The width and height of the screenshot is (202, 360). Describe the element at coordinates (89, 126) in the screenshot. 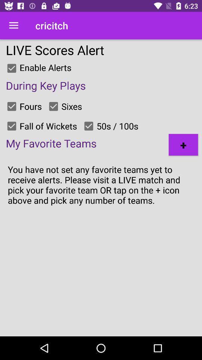

I see `include 50's/100s in live score alerts` at that location.